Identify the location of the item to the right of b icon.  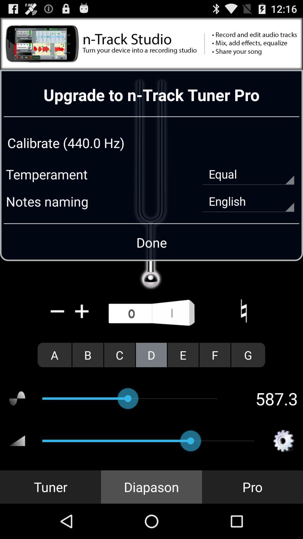
(119, 355).